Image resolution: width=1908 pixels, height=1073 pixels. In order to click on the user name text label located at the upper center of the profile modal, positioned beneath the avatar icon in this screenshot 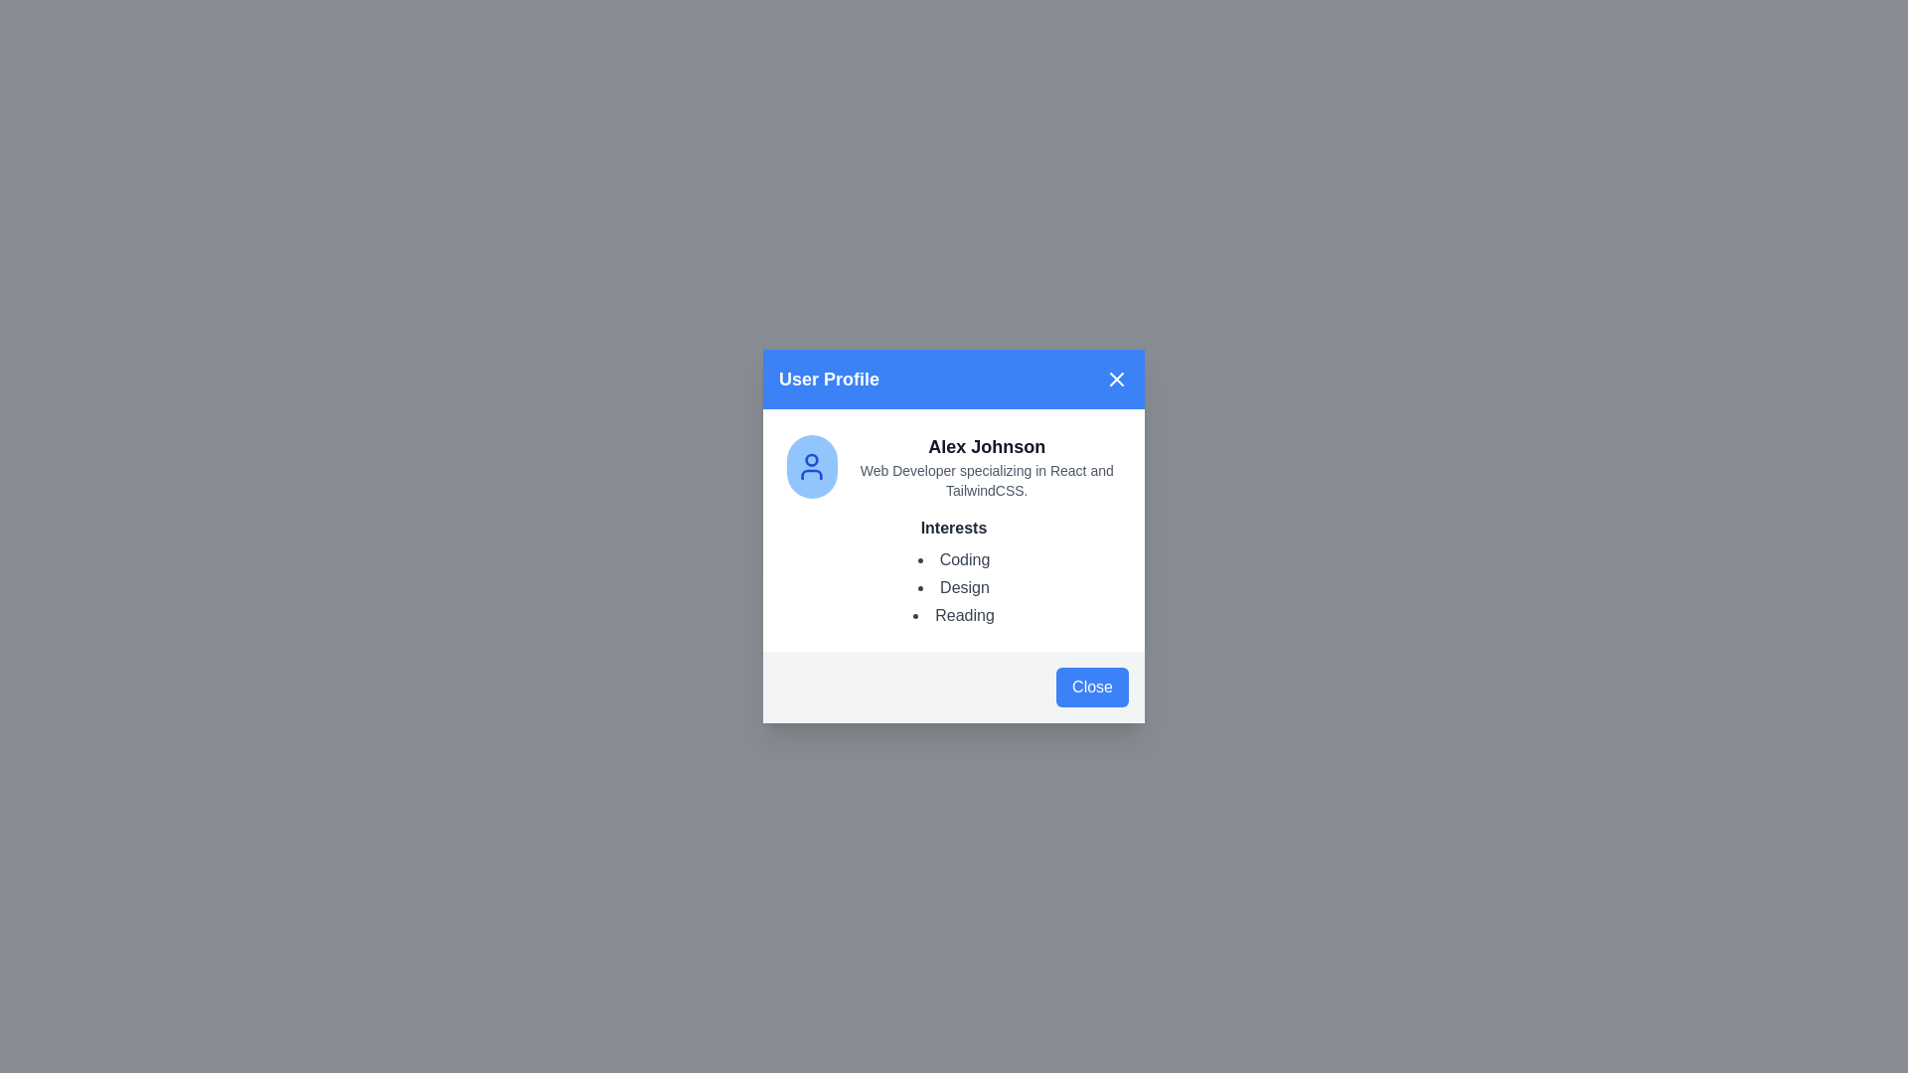, I will do `click(987, 447)`.